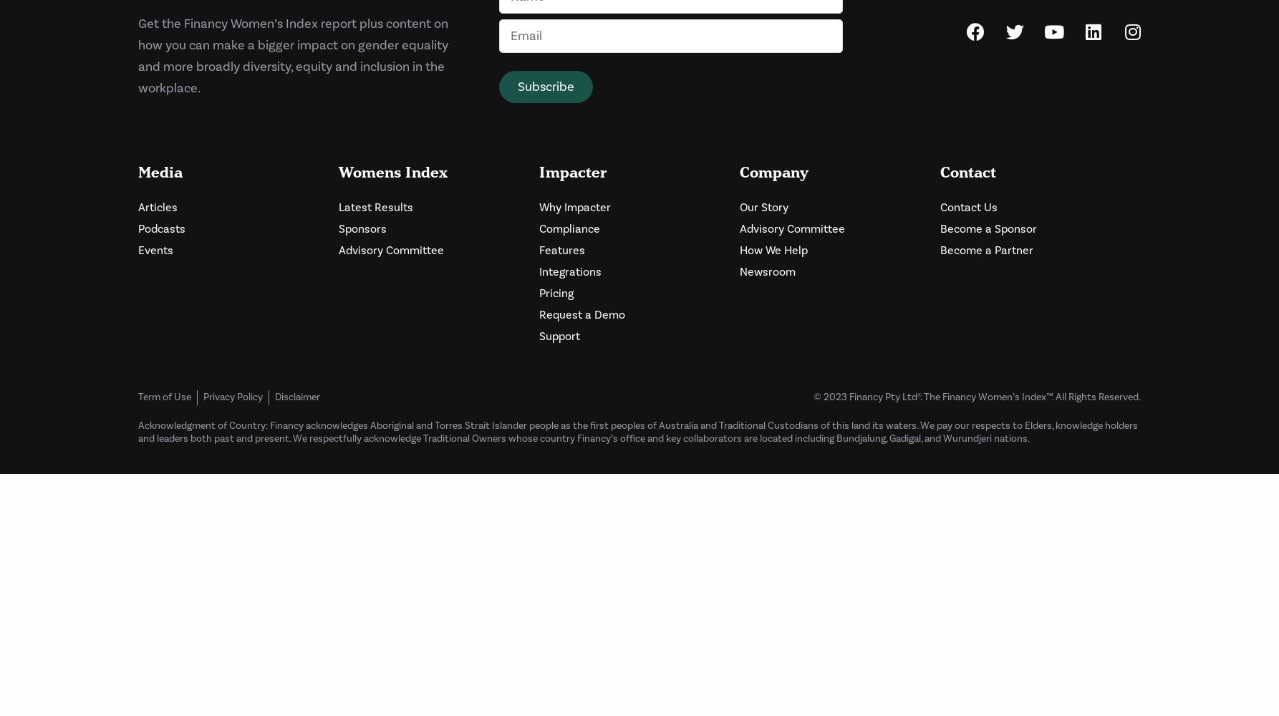 Image resolution: width=1279 pixels, height=716 pixels. What do you see at coordinates (157, 207) in the screenshot?
I see `'Articles'` at bounding box center [157, 207].